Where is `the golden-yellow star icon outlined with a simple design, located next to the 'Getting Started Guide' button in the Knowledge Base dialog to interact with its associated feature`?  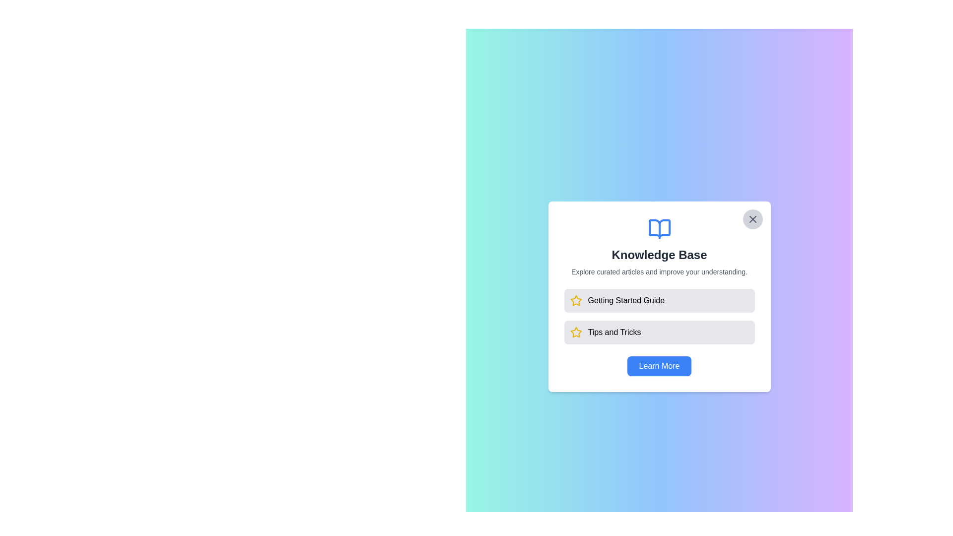 the golden-yellow star icon outlined with a simple design, located next to the 'Getting Started Guide' button in the Knowledge Base dialog to interact with its associated feature is located at coordinates (576, 332).